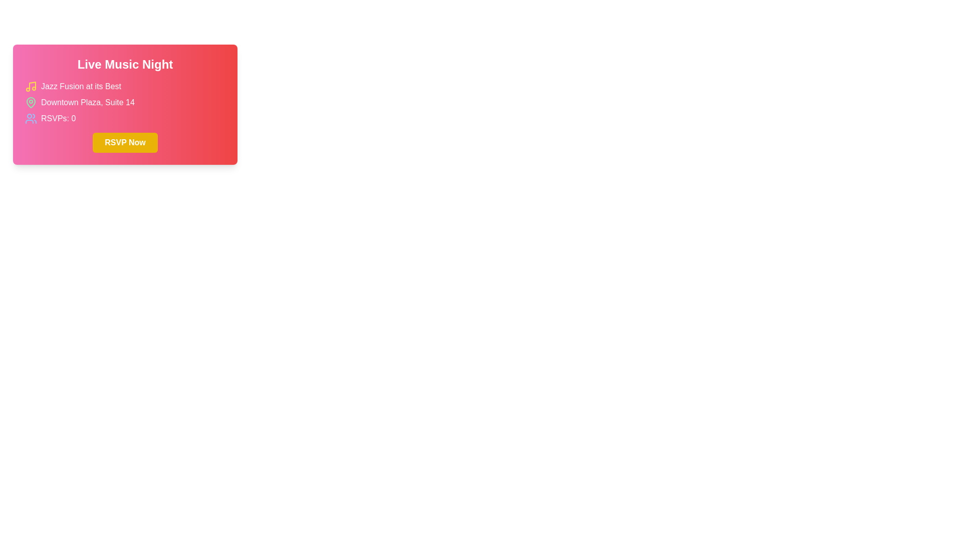 This screenshot has height=541, width=962. I want to click on the small blue SVG icon depicting a group of users, located slightly to the left of the text 'RSVPs: 0' within the RSVP section of the event card, so click(31, 118).